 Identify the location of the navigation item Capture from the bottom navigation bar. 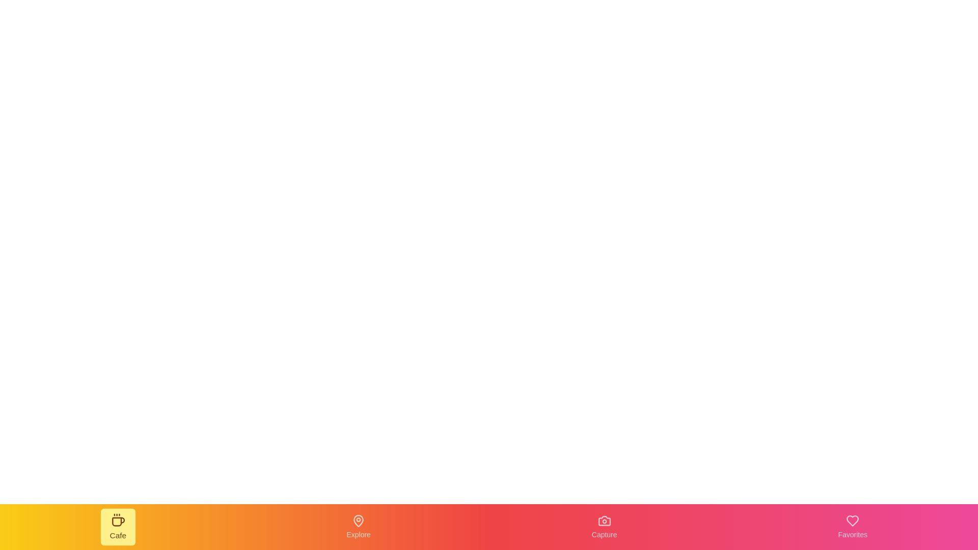
(604, 527).